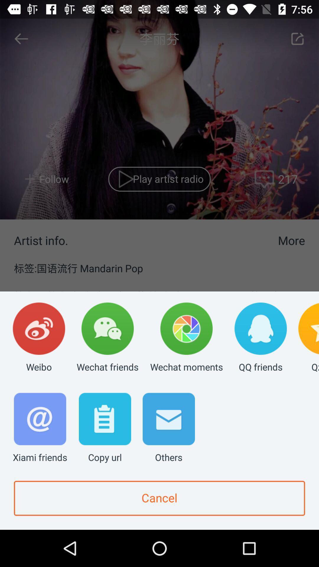 Image resolution: width=319 pixels, height=567 pixels. Describe the element at coordinates (39, 338) in the screenshot. I see `the weibo` at that location.